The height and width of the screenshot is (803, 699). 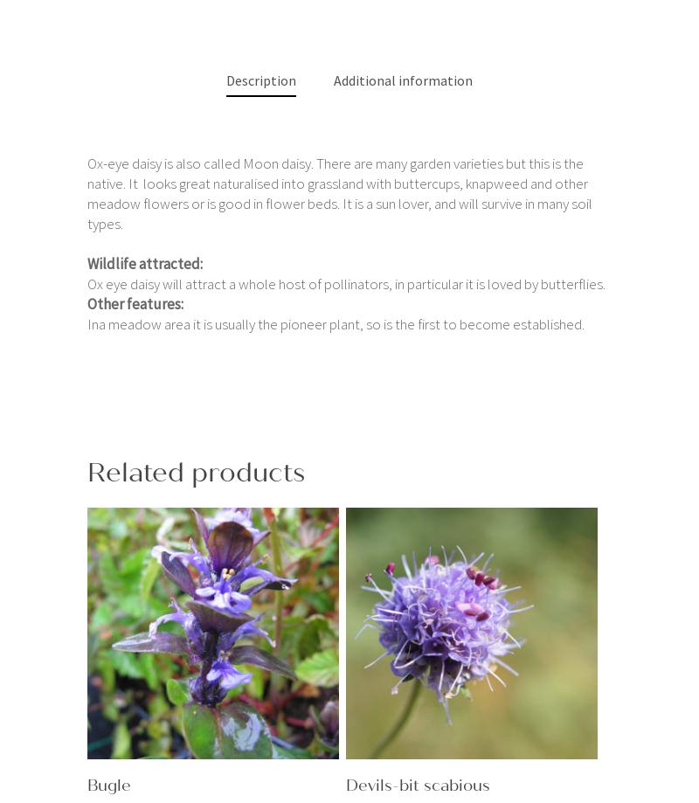 What do you see at coordinates (261, 79) in the screenshot?
I see `'Description'` at bounding box center [261, 79].